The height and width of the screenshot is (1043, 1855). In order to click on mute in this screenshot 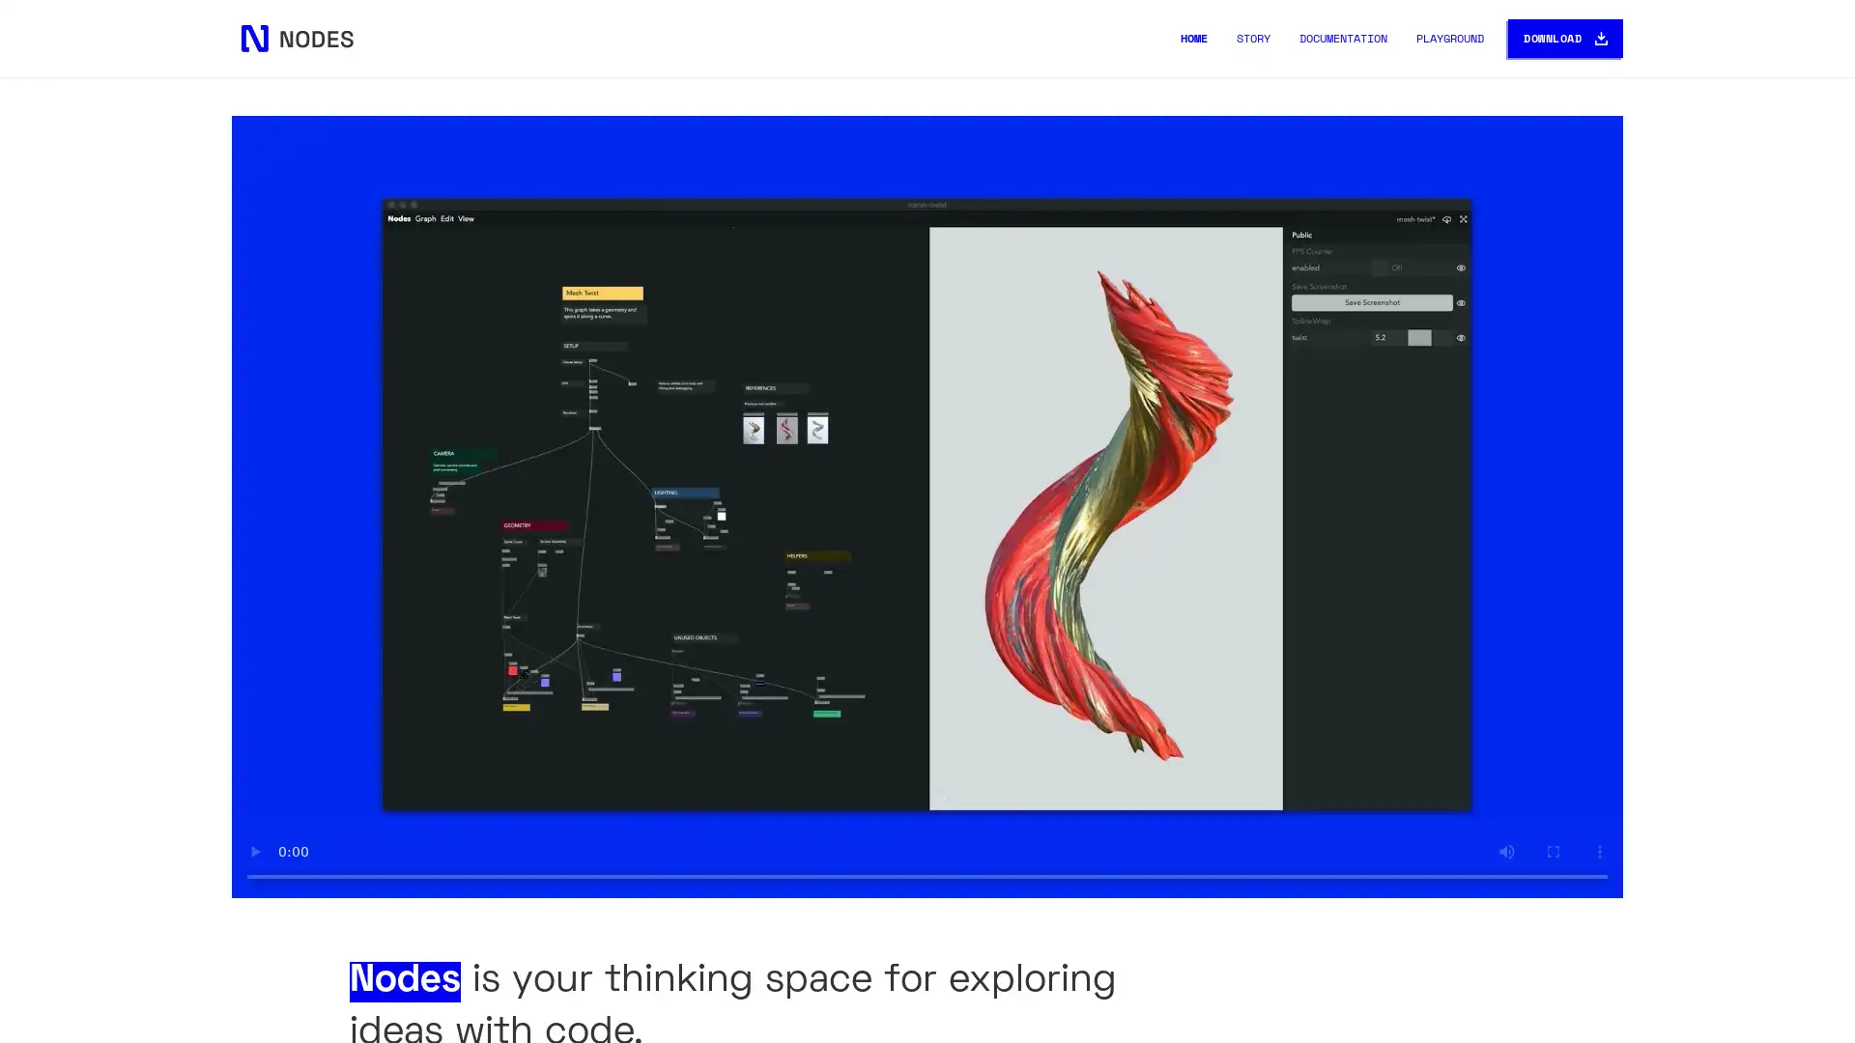, I will do `click(1506, 851)`.